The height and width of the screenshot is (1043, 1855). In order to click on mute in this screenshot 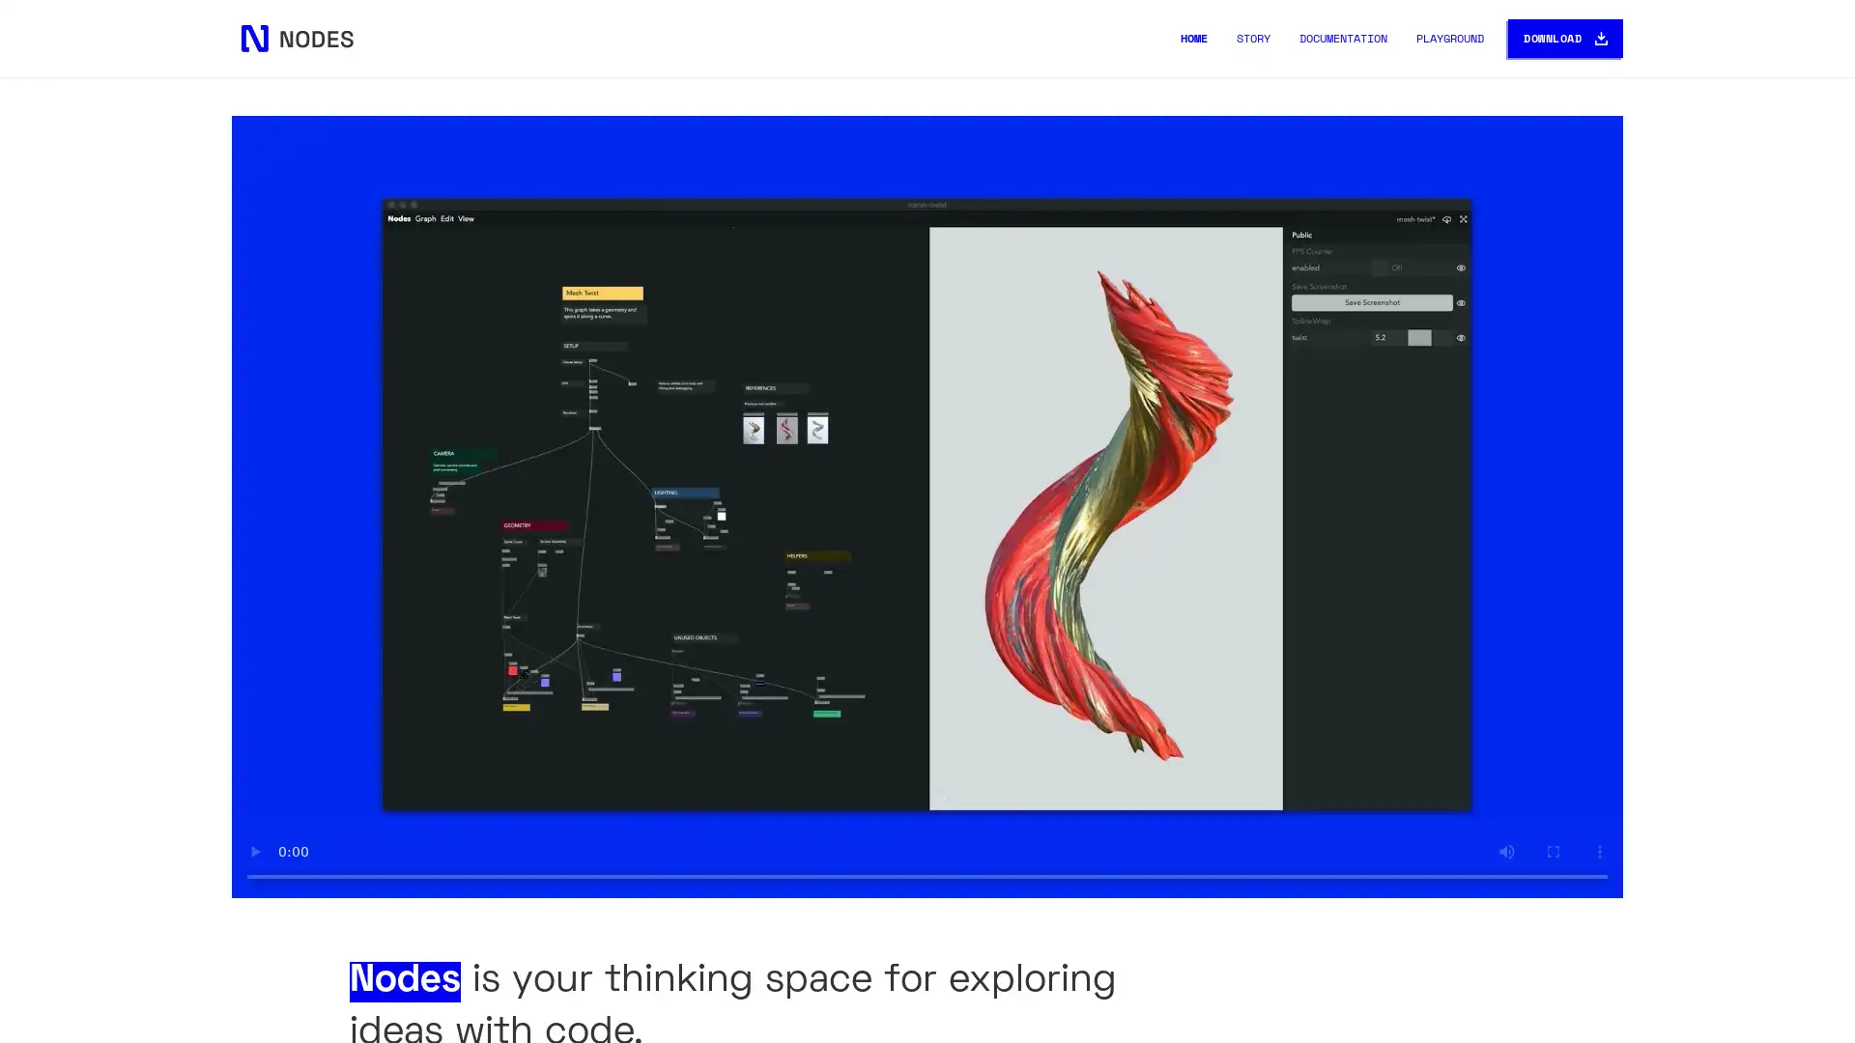, I will do `click(1506, 851)`.